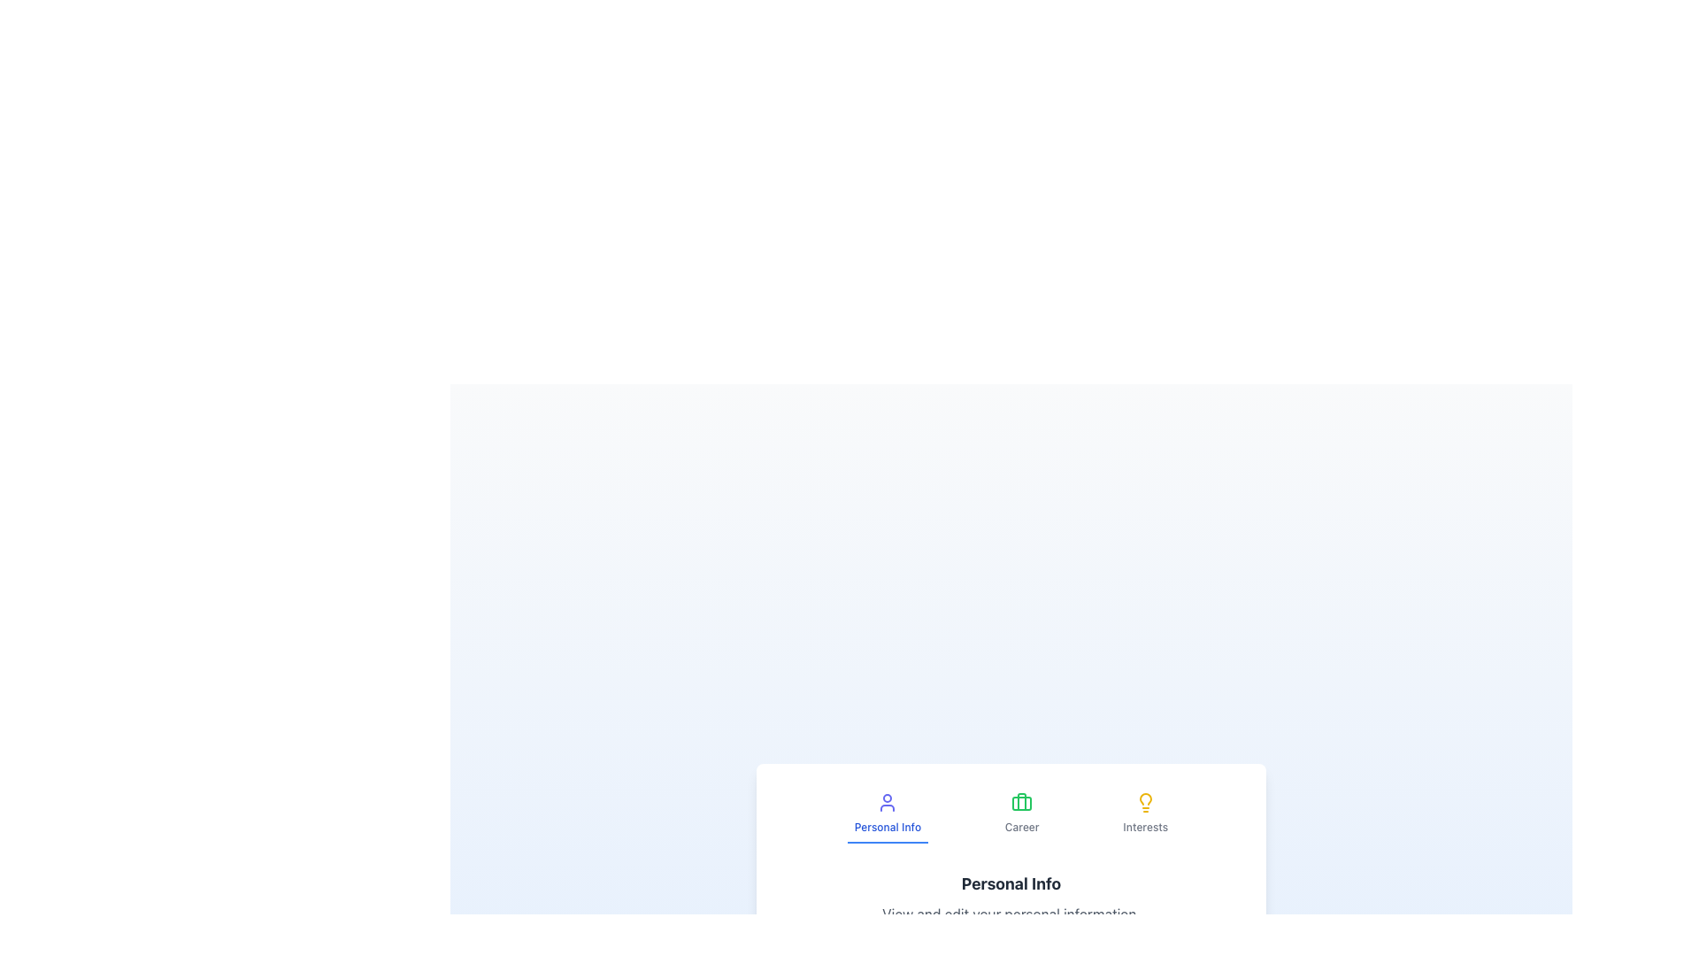  Describe the element at coordinates (1022, 803) in the screenshot. I see `the briefcase icon in the navigation section` at that location.